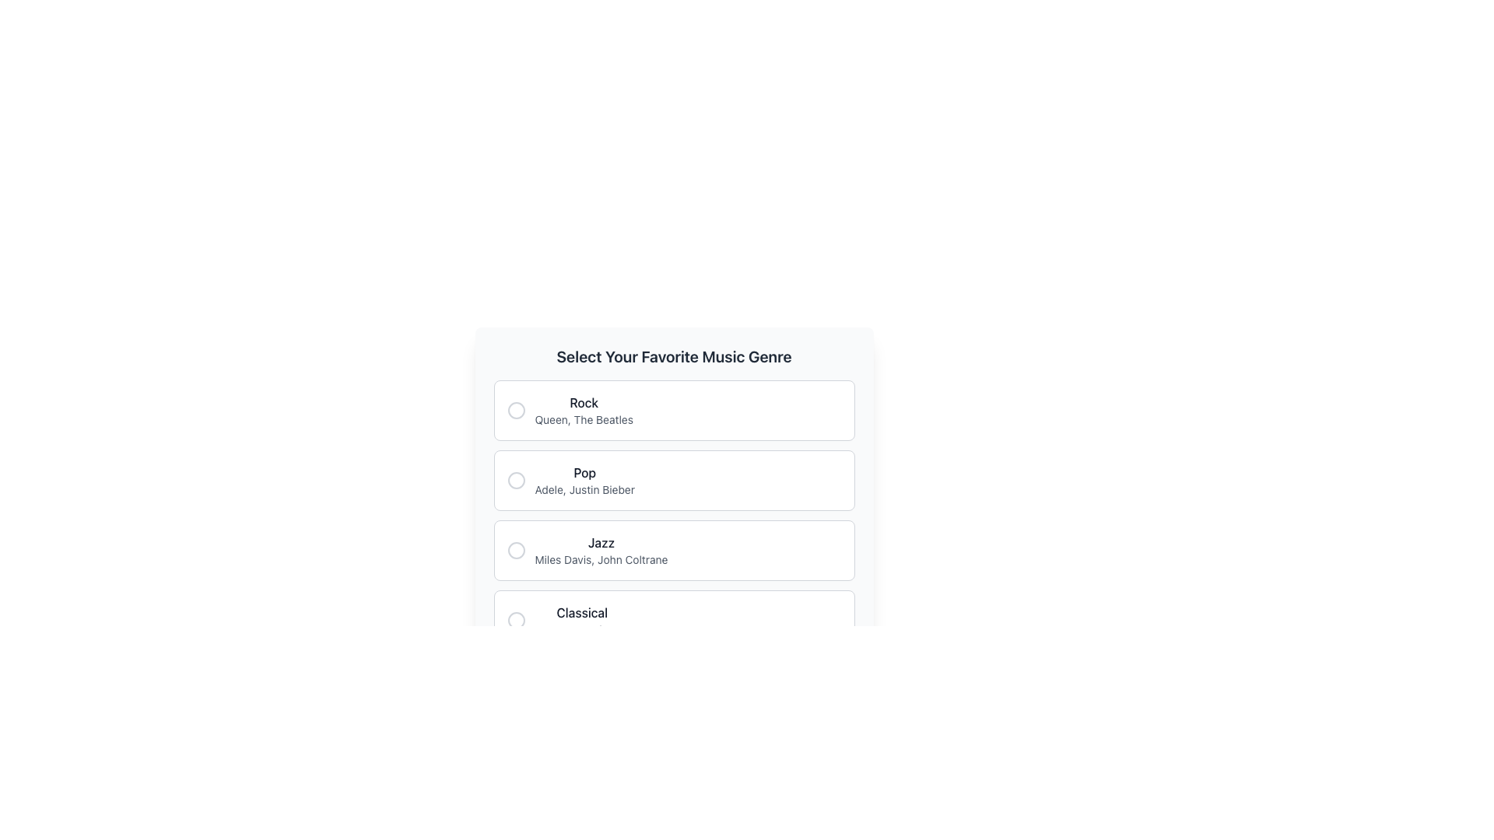 The image size is (1494, 840). What do you see at coordinates (516, 620) in the screenshot?
I see `the radio button indicator located to the left of the text labels 'Classical' and 'Mozart, Beethoven' in the 'Select Your Favorite Music Genre' group` at bounding box center [516, 620].